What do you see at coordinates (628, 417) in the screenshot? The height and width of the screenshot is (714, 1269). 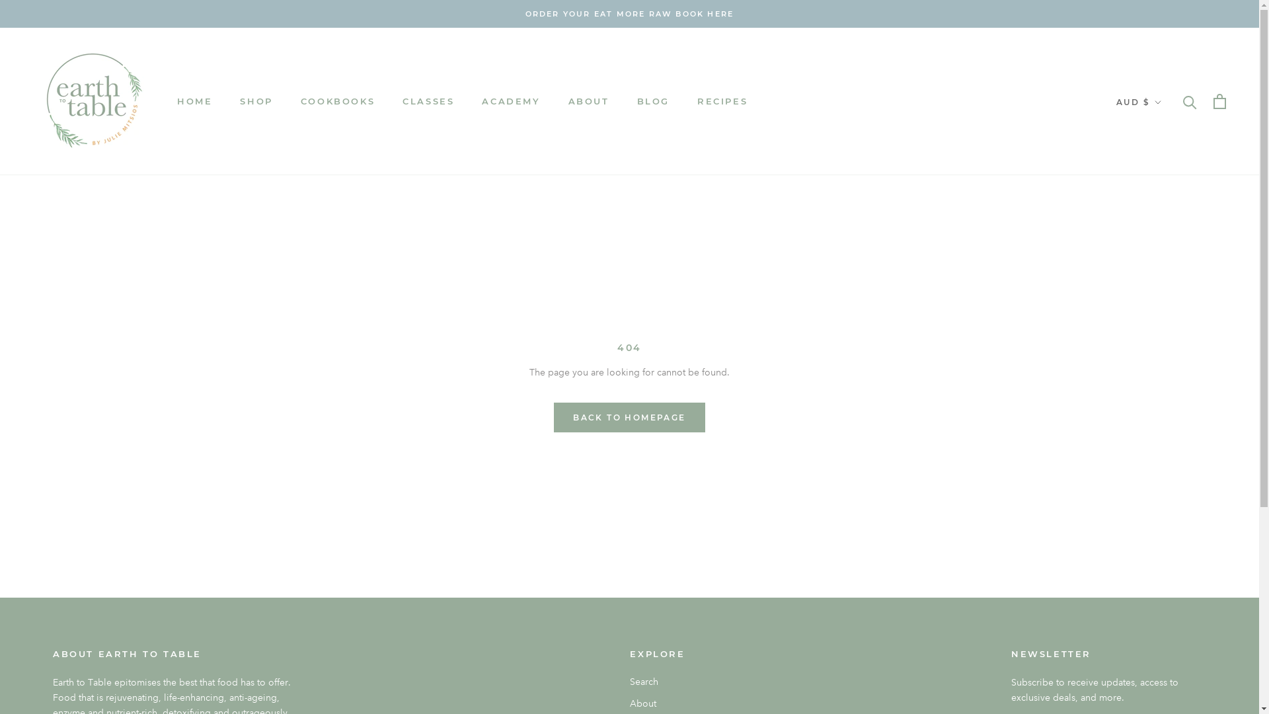 I see `'BACK TO HOMEPAGE'` at bounding box center [628, 417].